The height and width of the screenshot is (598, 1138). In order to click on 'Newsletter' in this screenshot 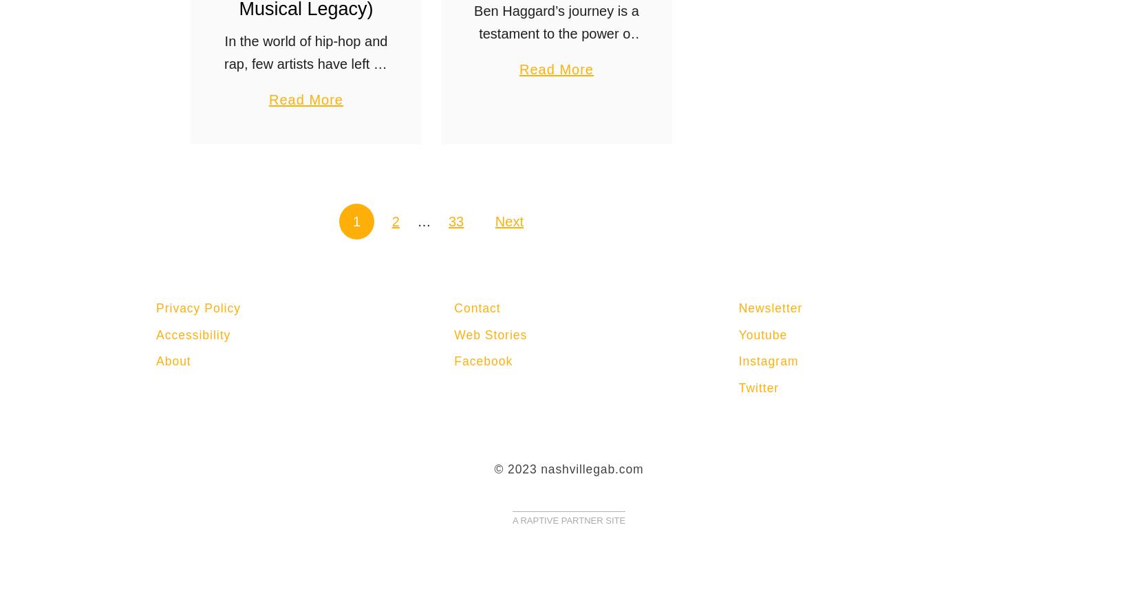, I will do `click(769, 308)`.